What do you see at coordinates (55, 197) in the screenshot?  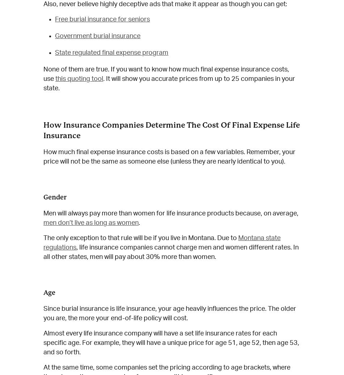 I see `'Gender'` at bounding box center [55, 197].